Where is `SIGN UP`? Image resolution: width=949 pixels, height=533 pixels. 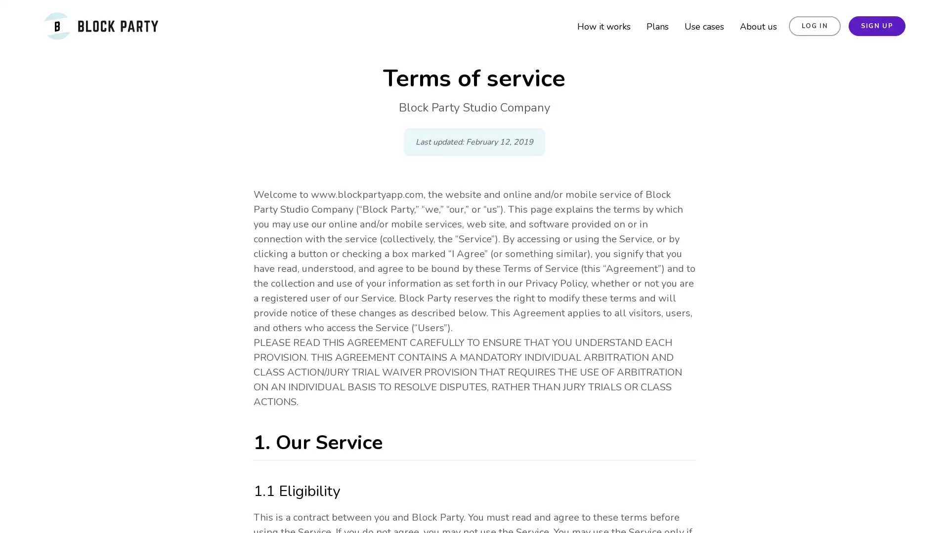
SIGN UP is located at coordinates (877, 26).